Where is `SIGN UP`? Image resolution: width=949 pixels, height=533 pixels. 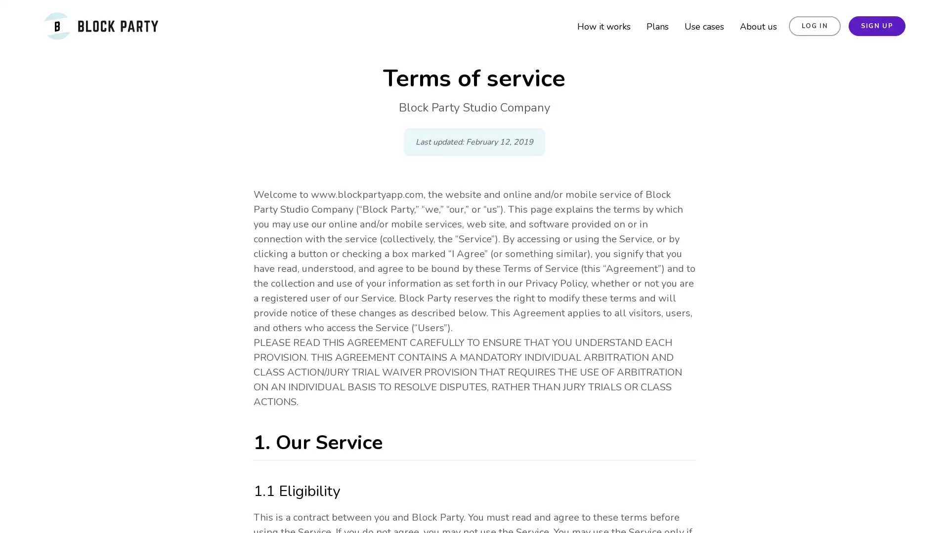
SIGN UP is located at coordinates (877, 26).